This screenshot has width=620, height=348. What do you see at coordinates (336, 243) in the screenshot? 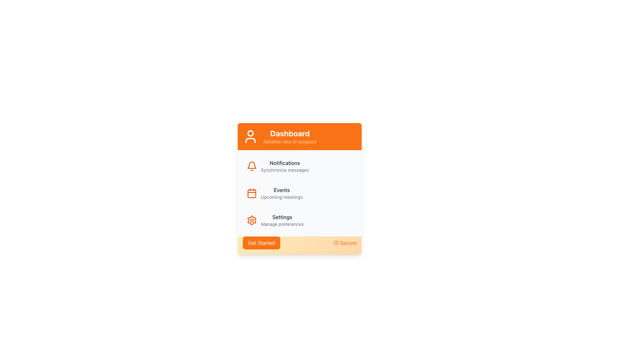
I see `style of the circular check icon located at the bottom-right corner of the card interface, which serves as a visual indicator of security or verification next to the 'Secure' label` at bounding box center [336, 243].